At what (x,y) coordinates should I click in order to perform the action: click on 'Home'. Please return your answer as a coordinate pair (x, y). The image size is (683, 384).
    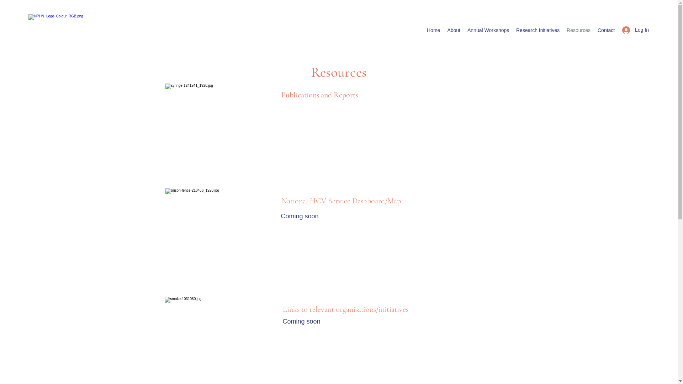
    Looking at the image, I should click on (423, 30).